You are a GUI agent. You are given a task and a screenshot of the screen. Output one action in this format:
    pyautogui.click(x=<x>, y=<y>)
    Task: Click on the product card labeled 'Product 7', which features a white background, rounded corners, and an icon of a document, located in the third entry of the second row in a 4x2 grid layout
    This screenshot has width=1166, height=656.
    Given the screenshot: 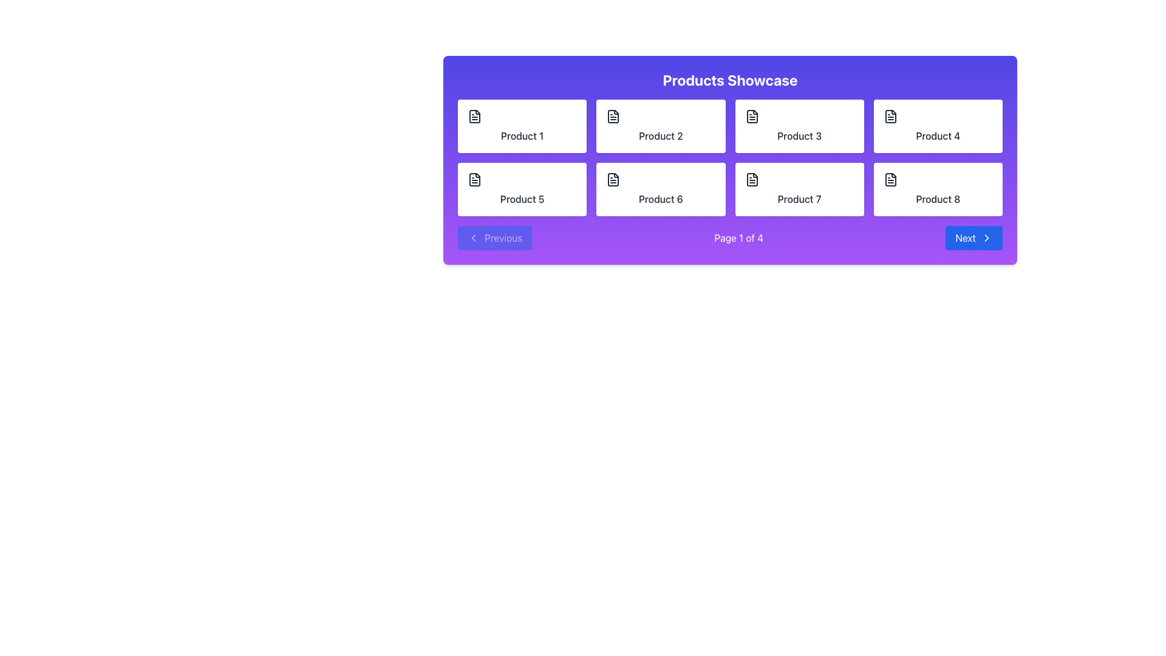 What is the action you would take?
    pyautogui.click(x=799, y=190)
    